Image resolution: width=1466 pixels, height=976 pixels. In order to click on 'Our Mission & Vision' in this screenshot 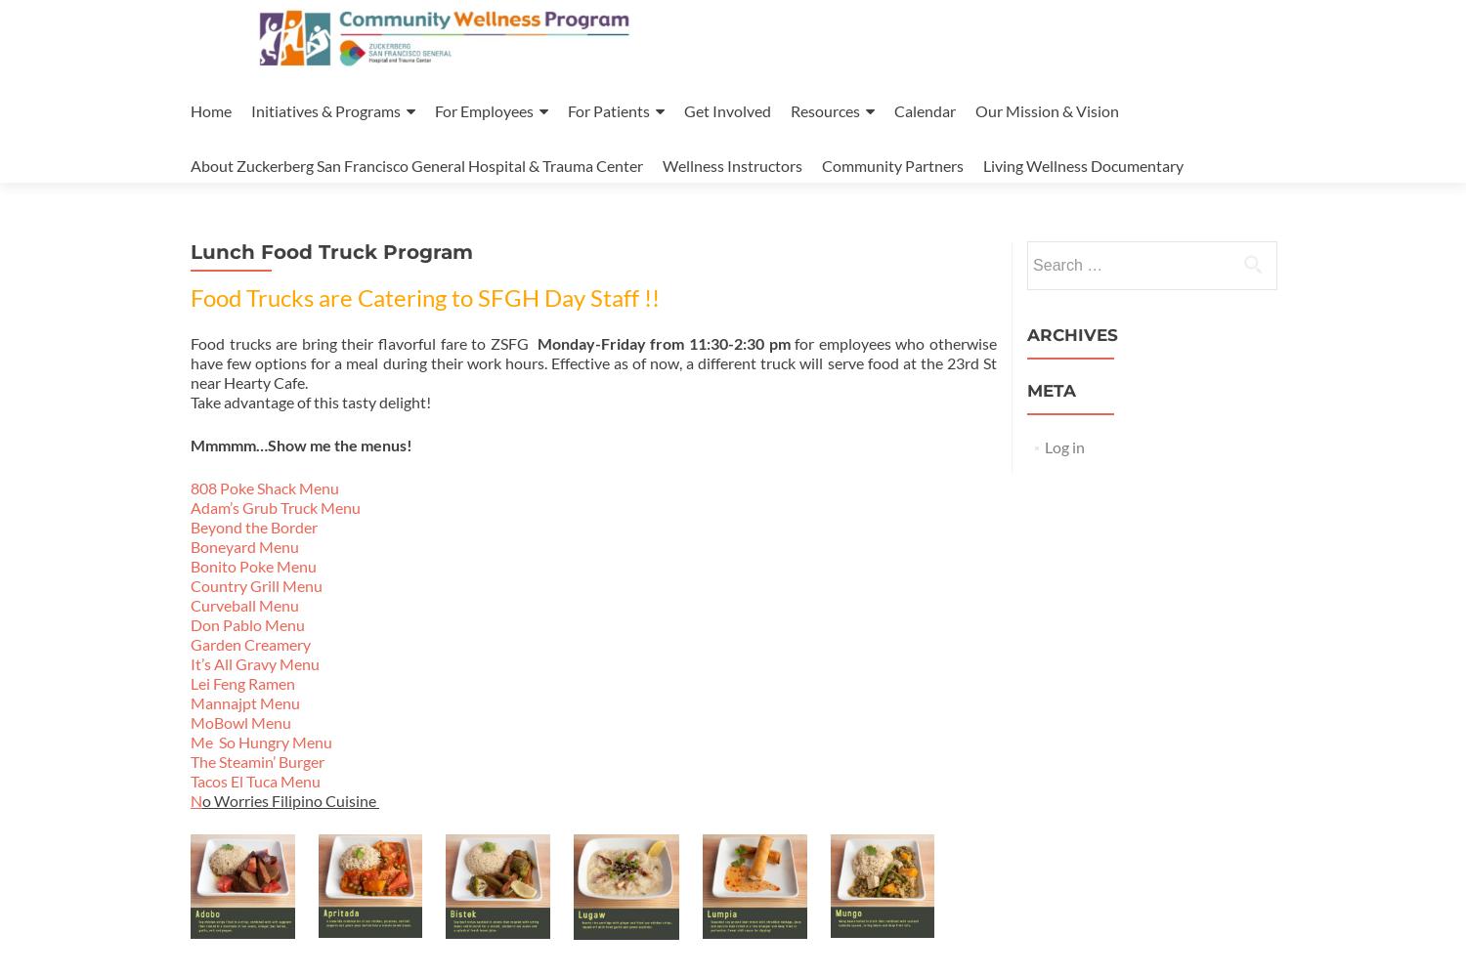, I will do `click(973, 110)`.